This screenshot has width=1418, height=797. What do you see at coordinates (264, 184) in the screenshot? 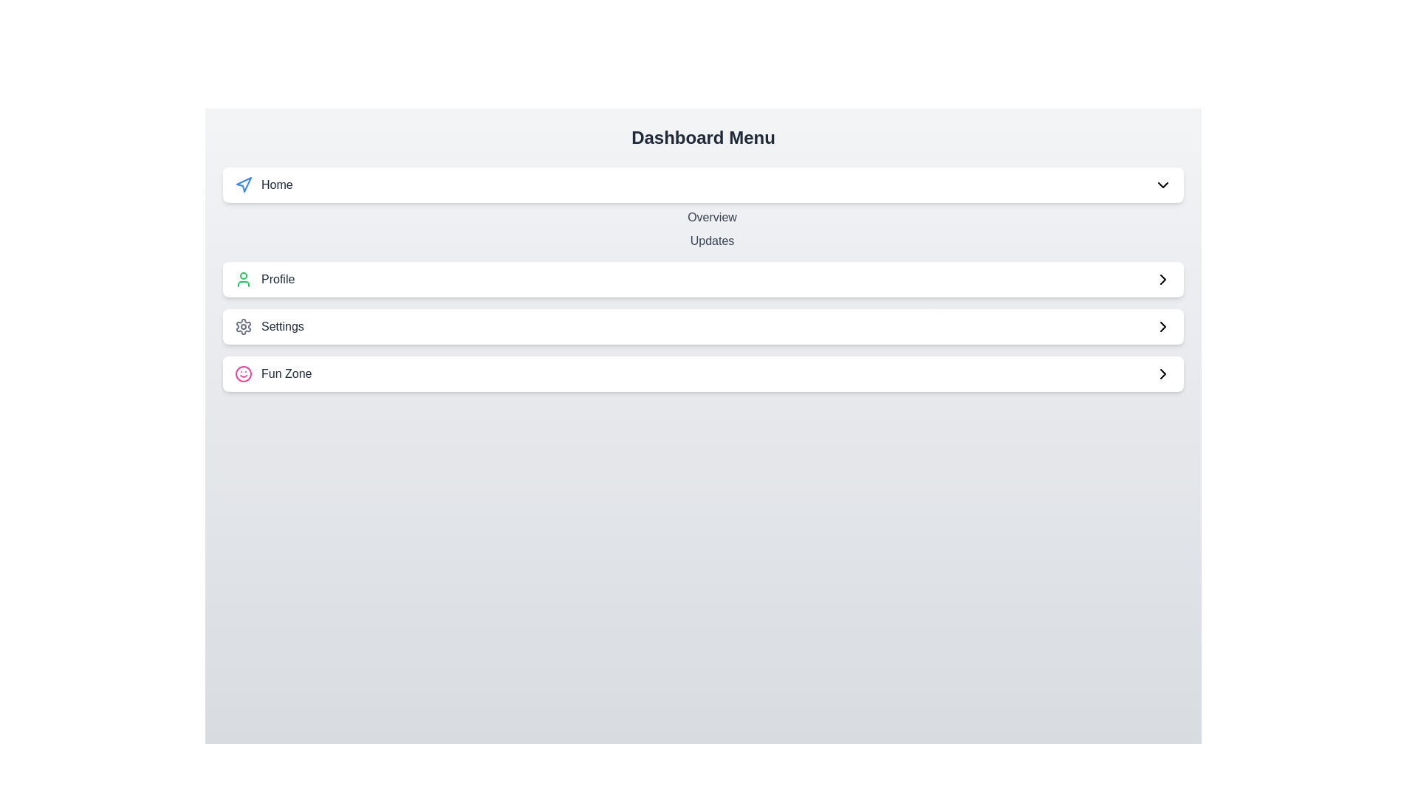
I see `the first option in the navigation menu, which serves as a link to the 'Home' section` at bounding box center [264, 184].